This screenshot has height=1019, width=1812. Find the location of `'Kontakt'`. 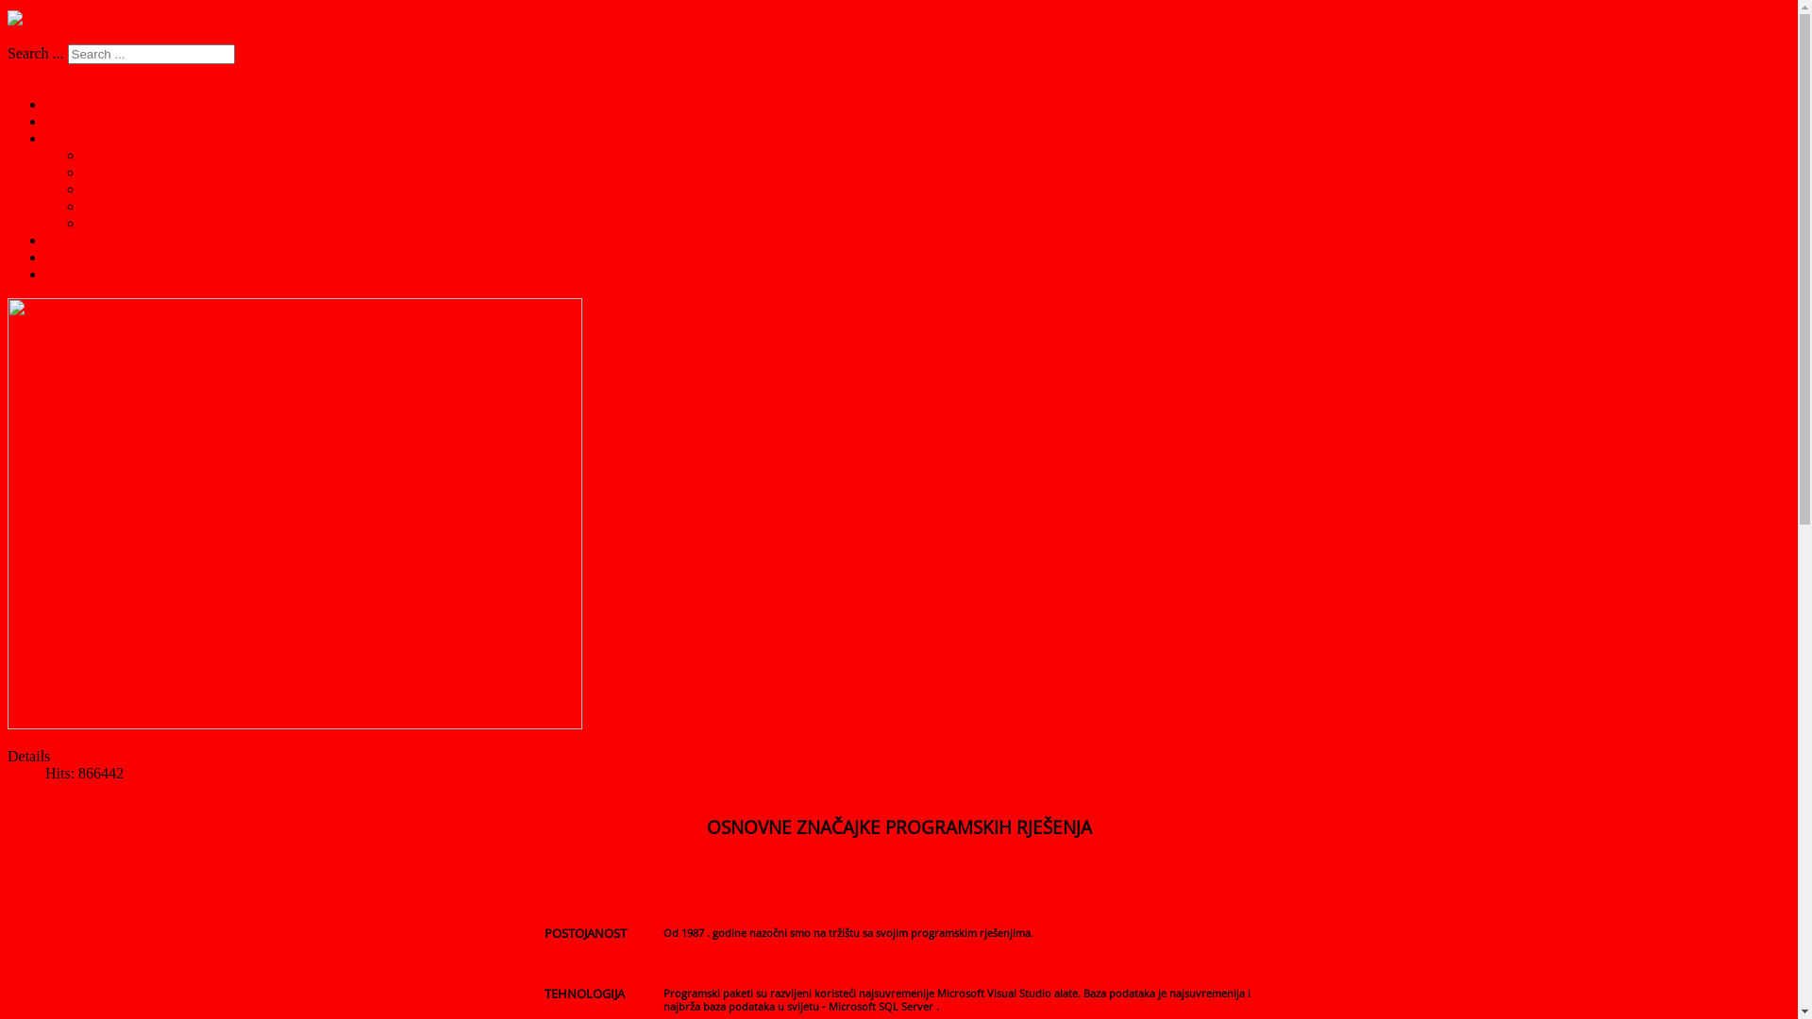

'Kontakt' is located at coordinates (69, 257).